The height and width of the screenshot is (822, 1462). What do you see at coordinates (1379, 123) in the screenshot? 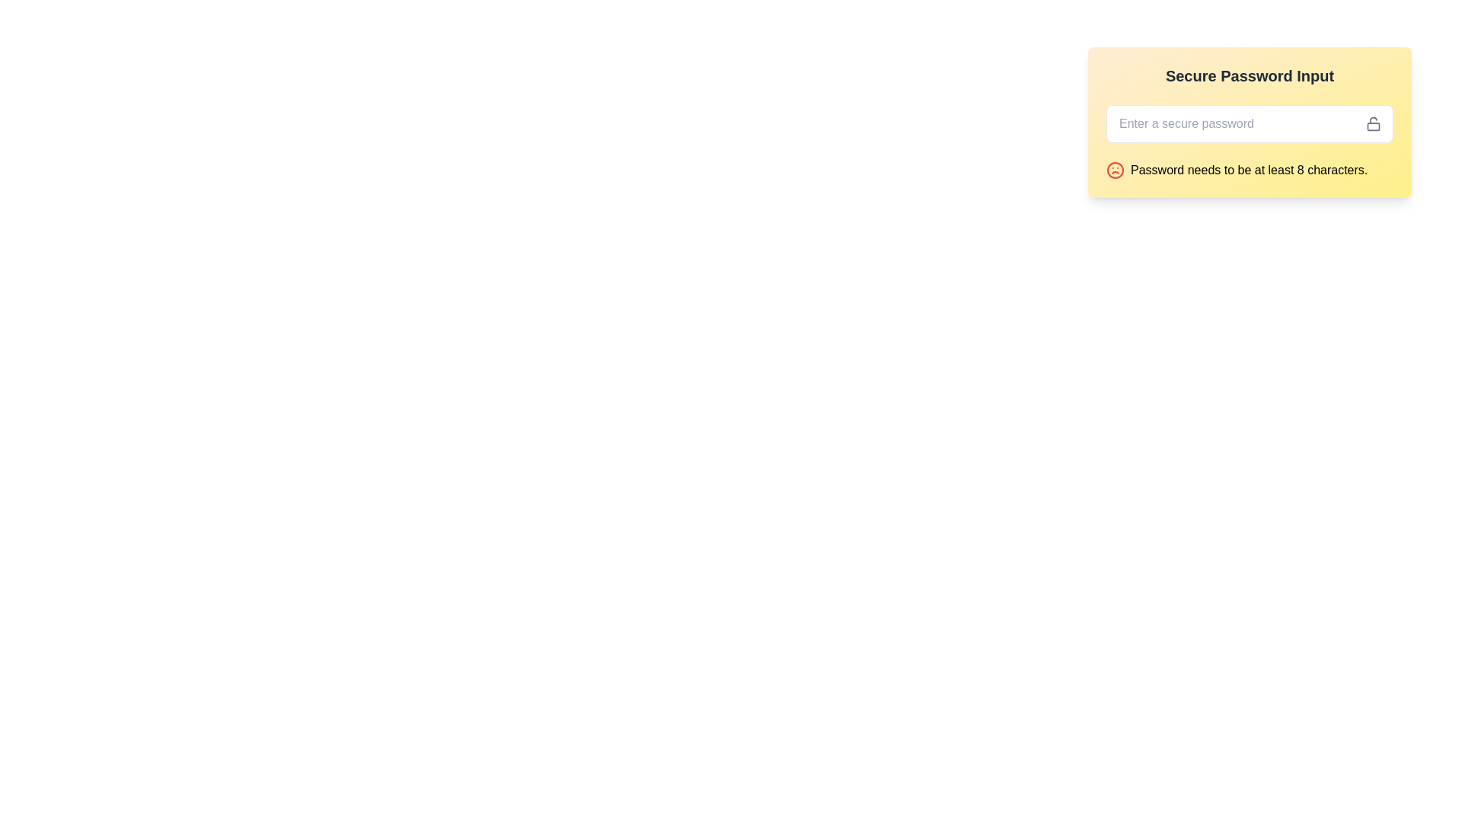
I see `the icon button located at the far right of the password input field` at bounding box center [1379, 123].